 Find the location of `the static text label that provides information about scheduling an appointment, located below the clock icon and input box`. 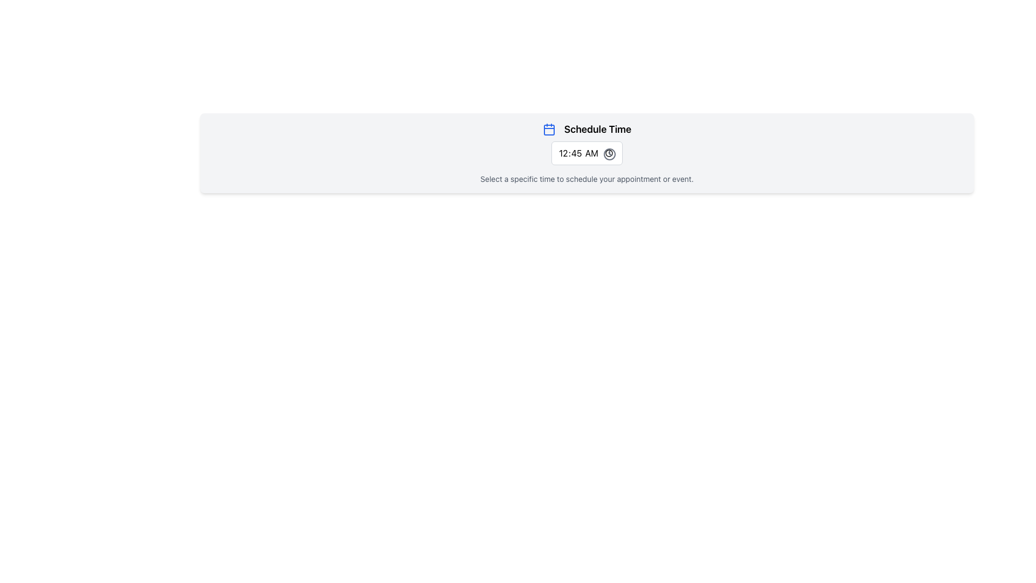

the static text label that provides information about scheduling an appointment, located below the clock icon and input box is located at coordinates (587, 178).